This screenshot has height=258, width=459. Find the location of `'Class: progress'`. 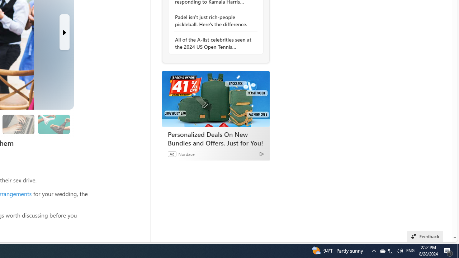

'Class: progress' is located at coordinates (53, 123).